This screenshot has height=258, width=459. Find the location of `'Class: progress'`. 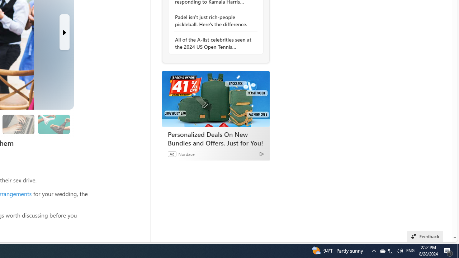

'Class: progress' is located at coordinates (53, 123).